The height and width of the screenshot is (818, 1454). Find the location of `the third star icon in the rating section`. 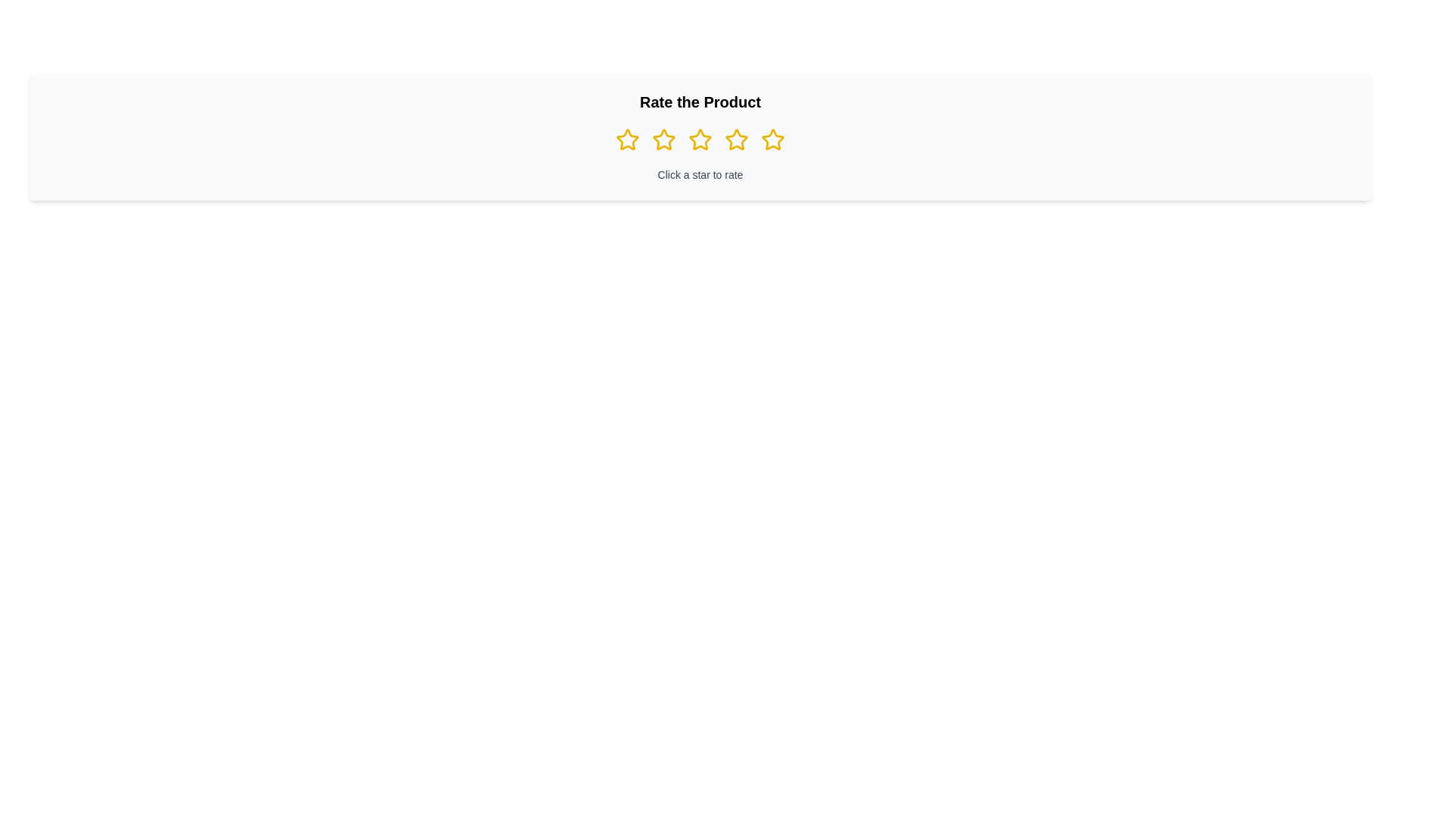

the third star icon in the rating section is located at coordinates (737, 140).